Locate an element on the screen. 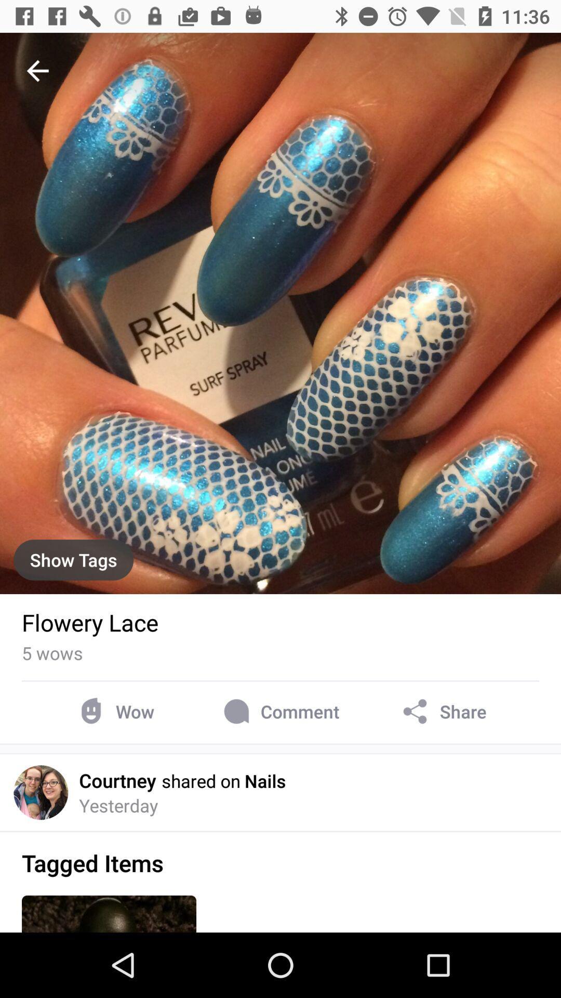  icon at the bottom right corner is located at coordinates (443, 711).